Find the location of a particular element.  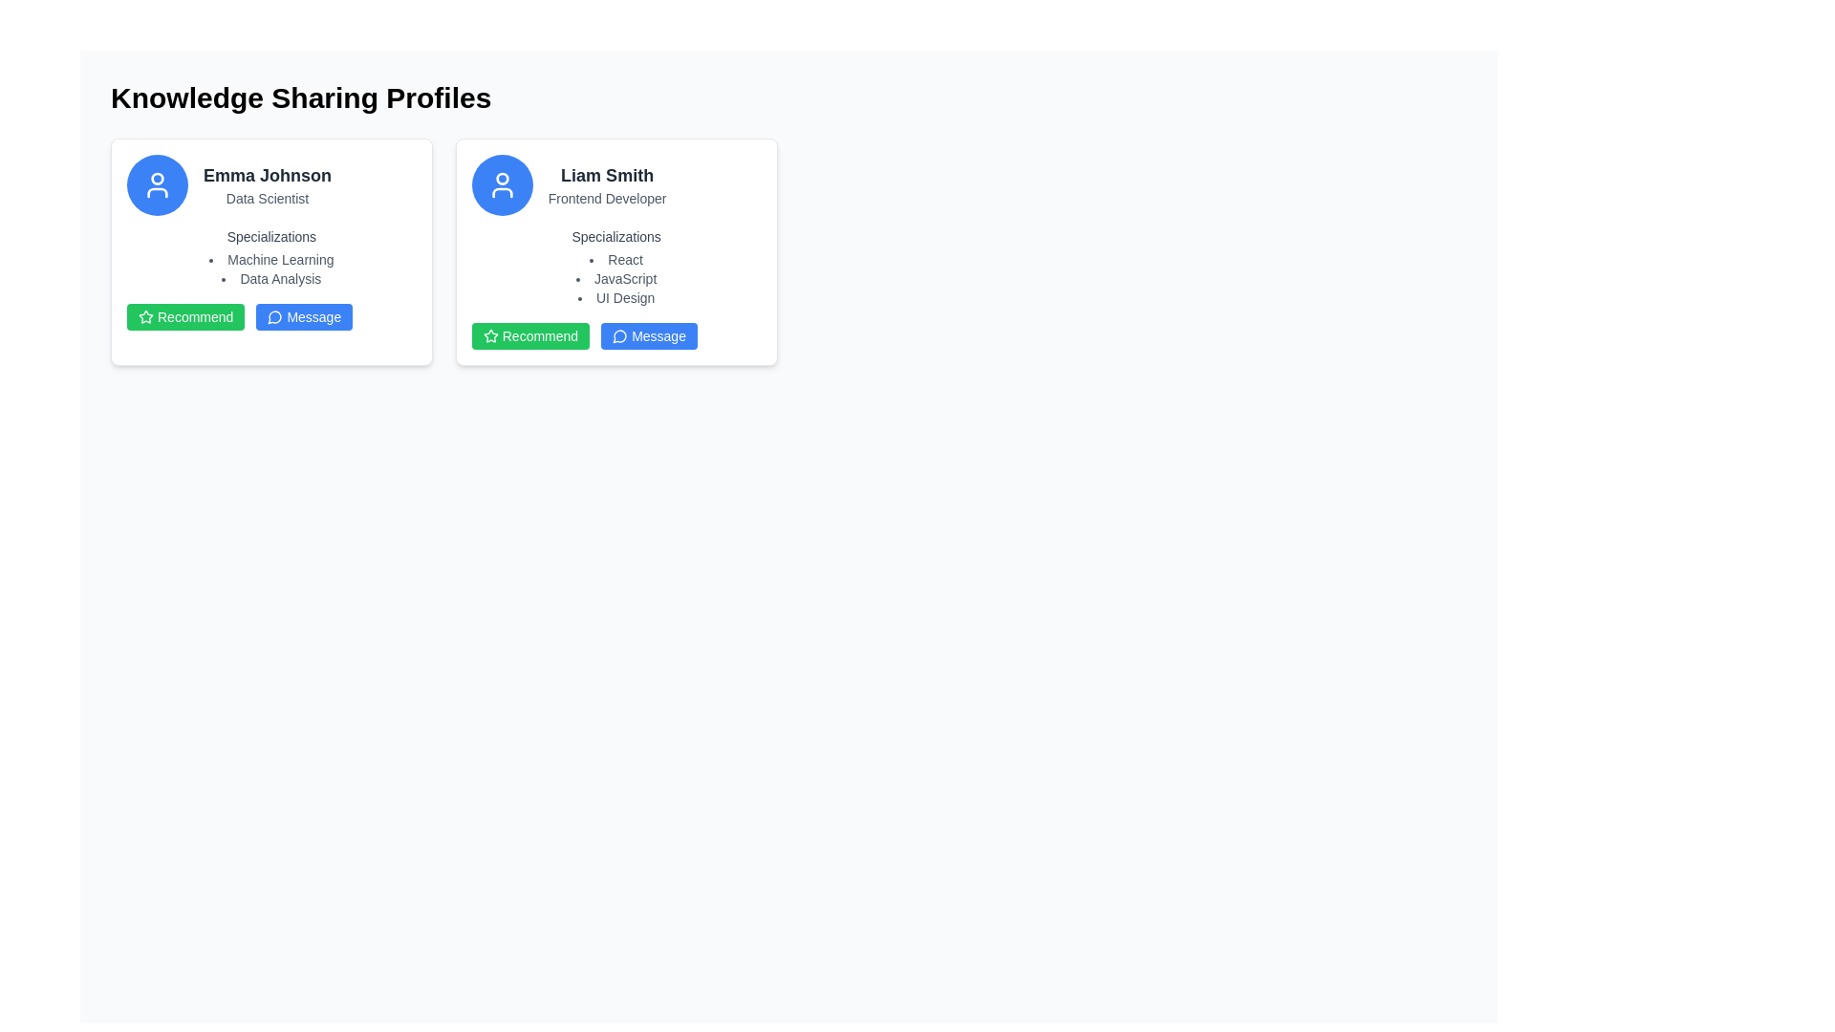

the text list displaying skills or areas of expertise for Liam Smith, located under the header 'Specializations' and above the buttons 'Recommend' and 'Message' is located at coordinates (616, 268).